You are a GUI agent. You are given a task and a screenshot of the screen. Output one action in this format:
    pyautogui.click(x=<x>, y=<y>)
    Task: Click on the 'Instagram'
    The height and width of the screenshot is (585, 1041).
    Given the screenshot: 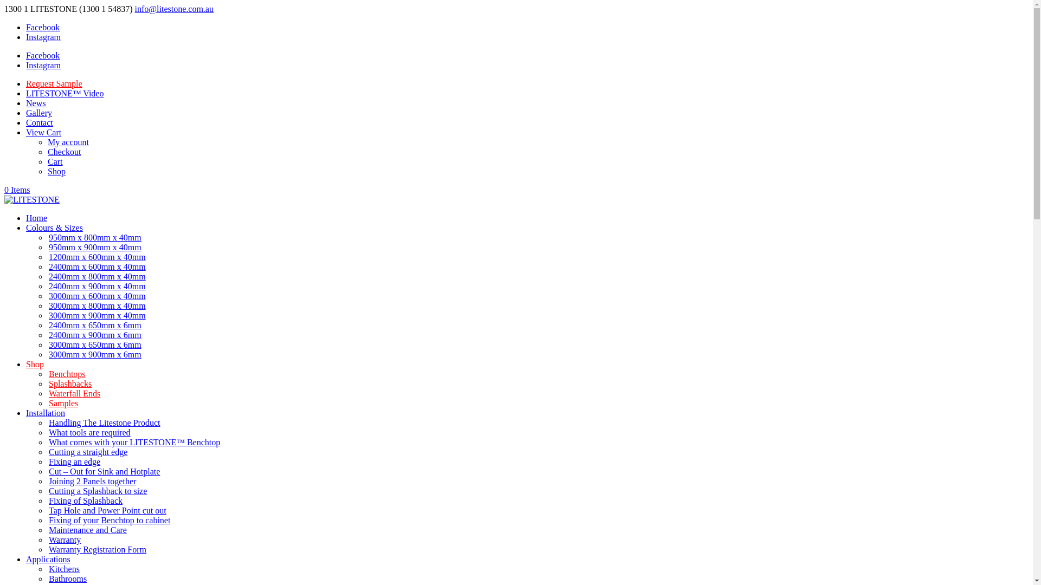 What is the action you would take?
    pyautogui.click(x=43, y=36)
    